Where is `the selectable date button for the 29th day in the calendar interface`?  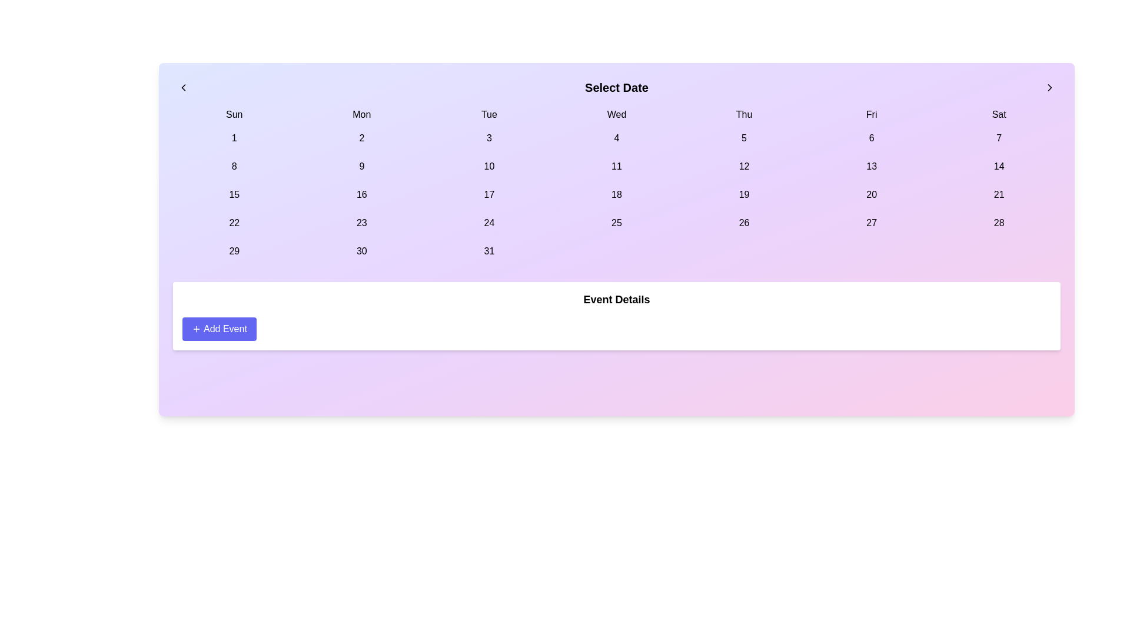 the selectable date button for the 29th day in the calendar interface is located at coordinates (234, 251).